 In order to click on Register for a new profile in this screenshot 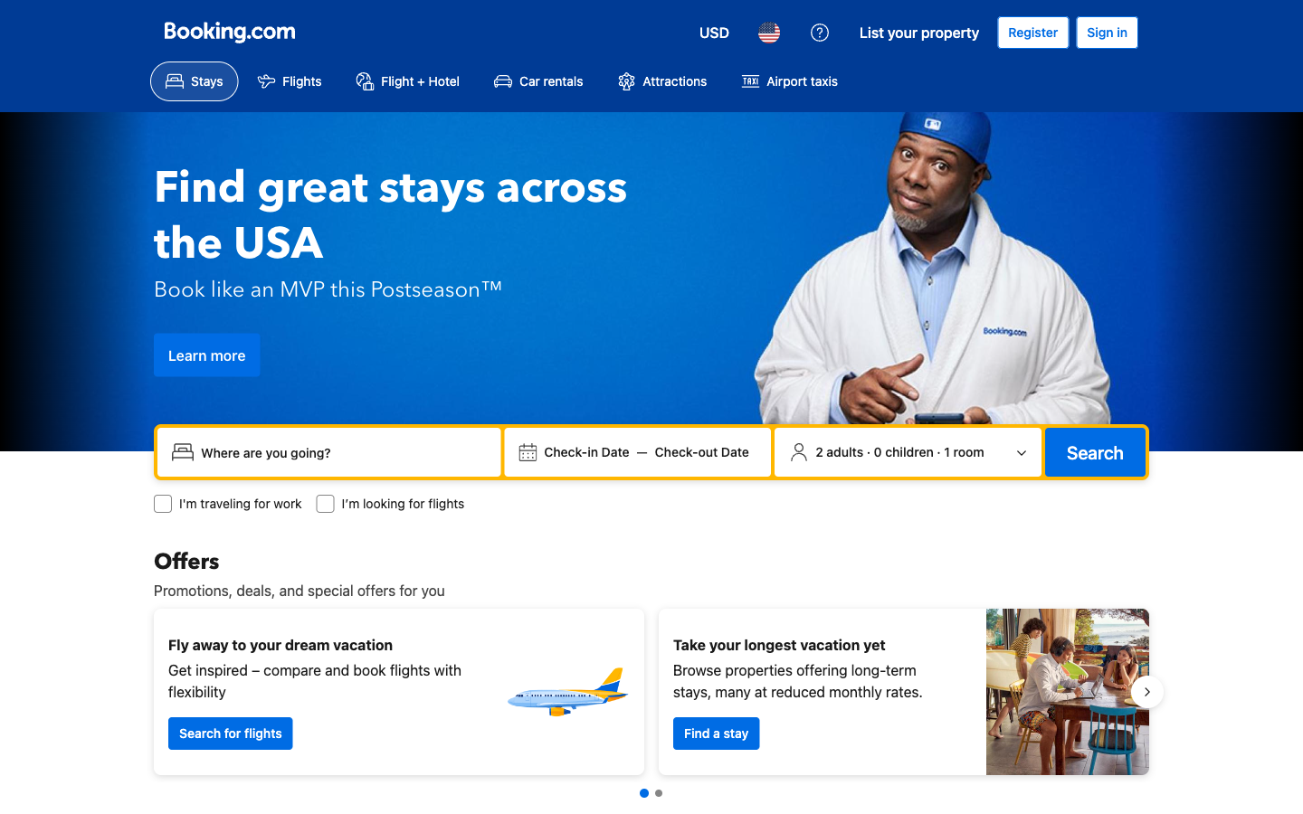, I will do `click(1032, 32)`.